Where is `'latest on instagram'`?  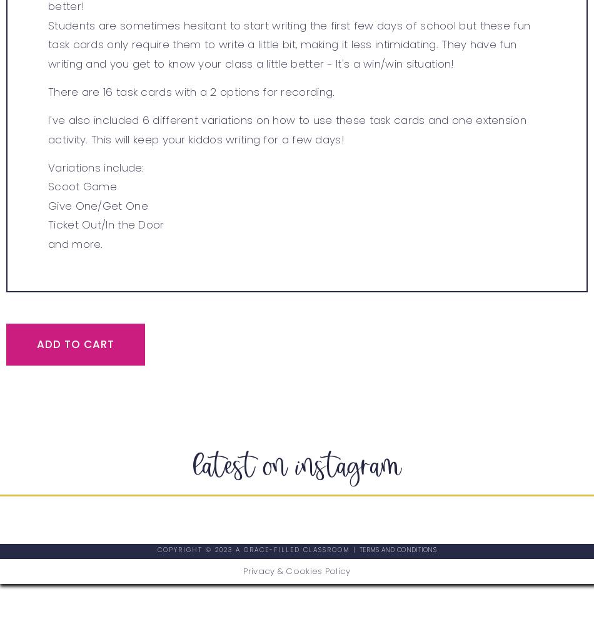 'latest on instagram' is located at coordinates (191, 466).